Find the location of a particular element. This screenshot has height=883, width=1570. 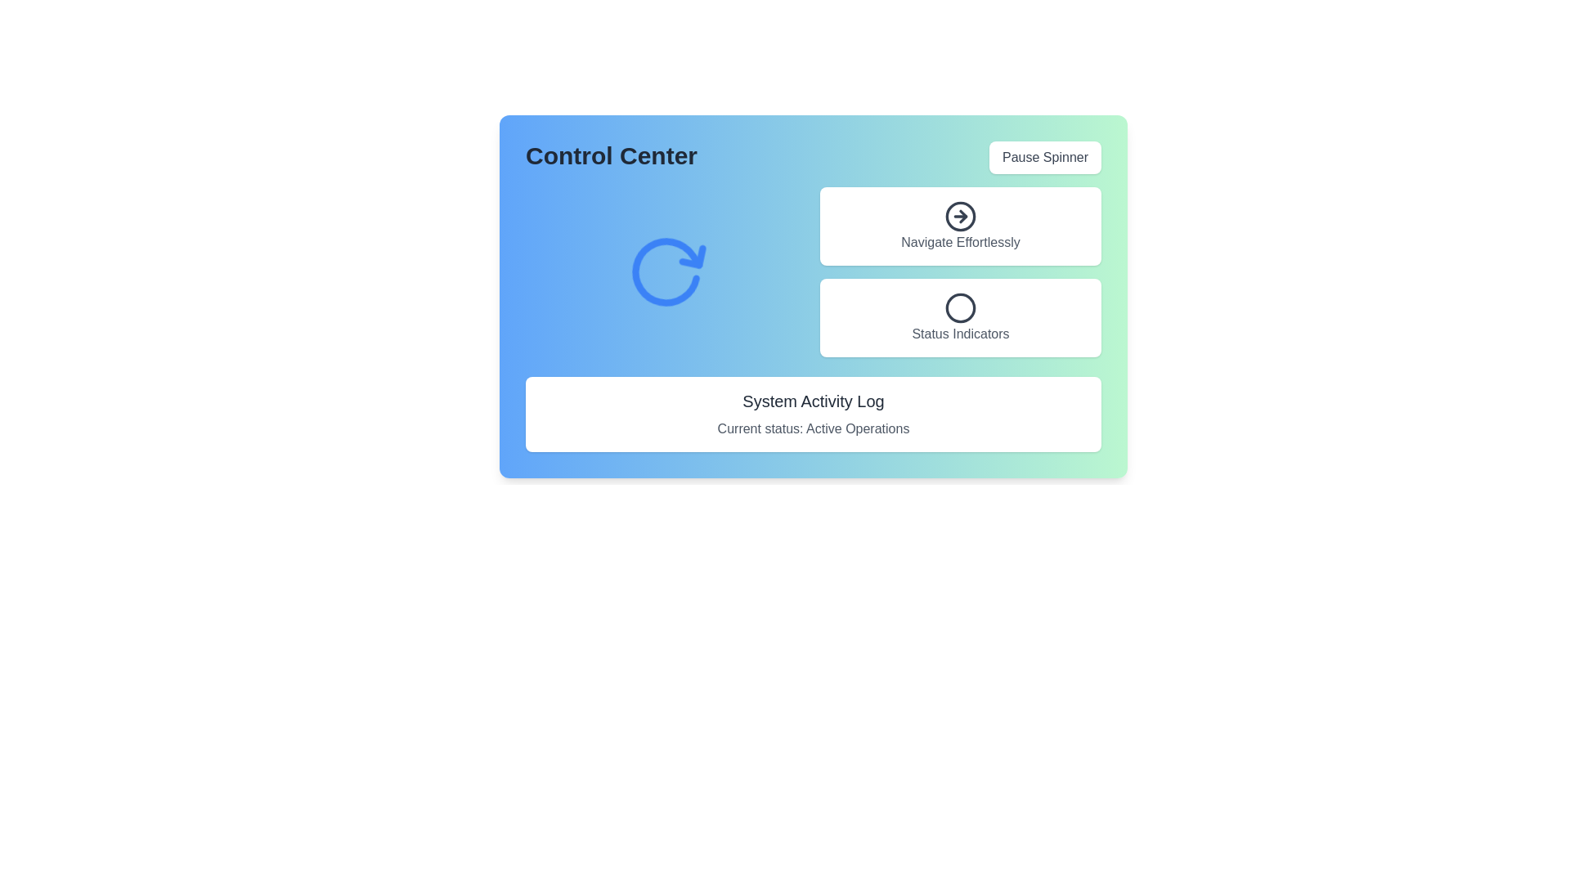

the Informational display panel located at the bottom of the 'Control Center', which indicates ongoing system activity is located at coordinates (813, 413).